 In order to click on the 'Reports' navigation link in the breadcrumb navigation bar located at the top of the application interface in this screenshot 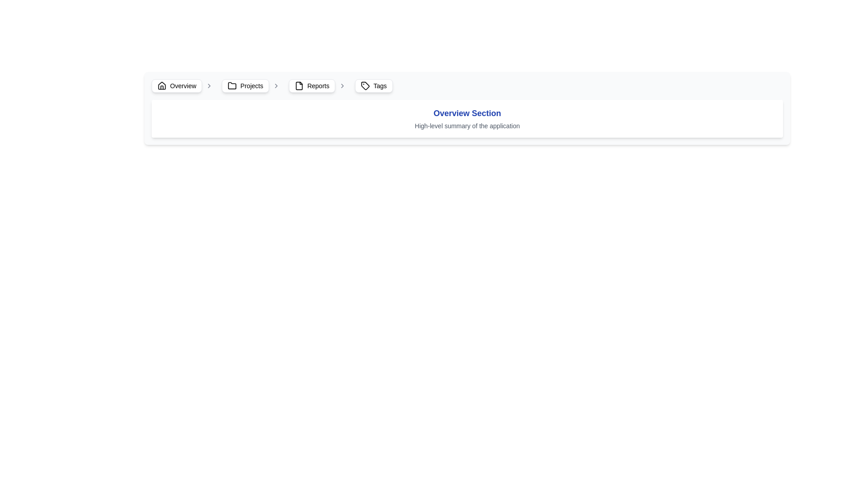, I will do `click(312, 86)`.